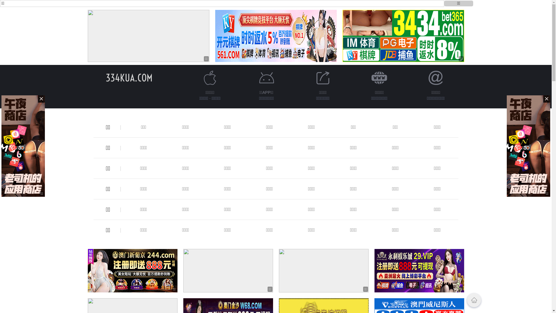 The height and width of the screenshot is (313, 556). What do you see at coordinates (129, 77) in the screenshot?
I see `'334KUA.COM'` at bounding box center [129, 77].